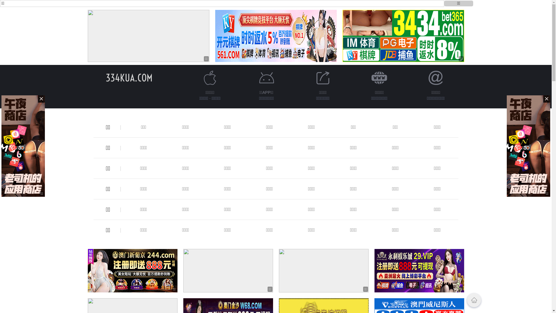 The height and width of the screenshot is (313, 556). What do you see at coordinates (129, 77) in the screenshot?
I see `'334KUA.COM'` at bounding box center [129, 77].